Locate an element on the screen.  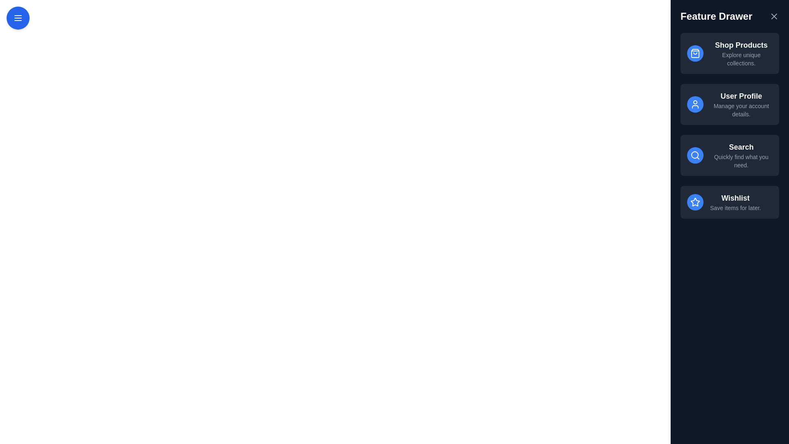
the close button of the drawer to close it is located at coordinates (773, 16).